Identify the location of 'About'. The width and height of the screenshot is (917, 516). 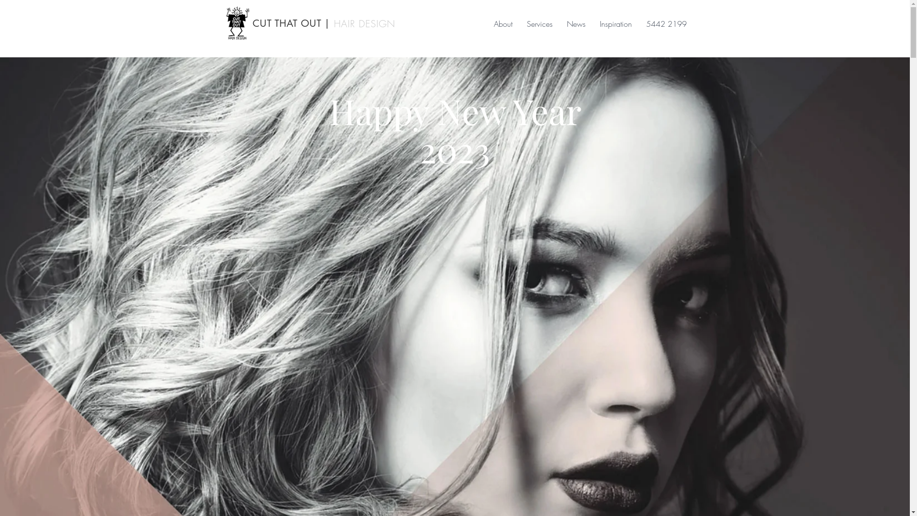
(502, 23).